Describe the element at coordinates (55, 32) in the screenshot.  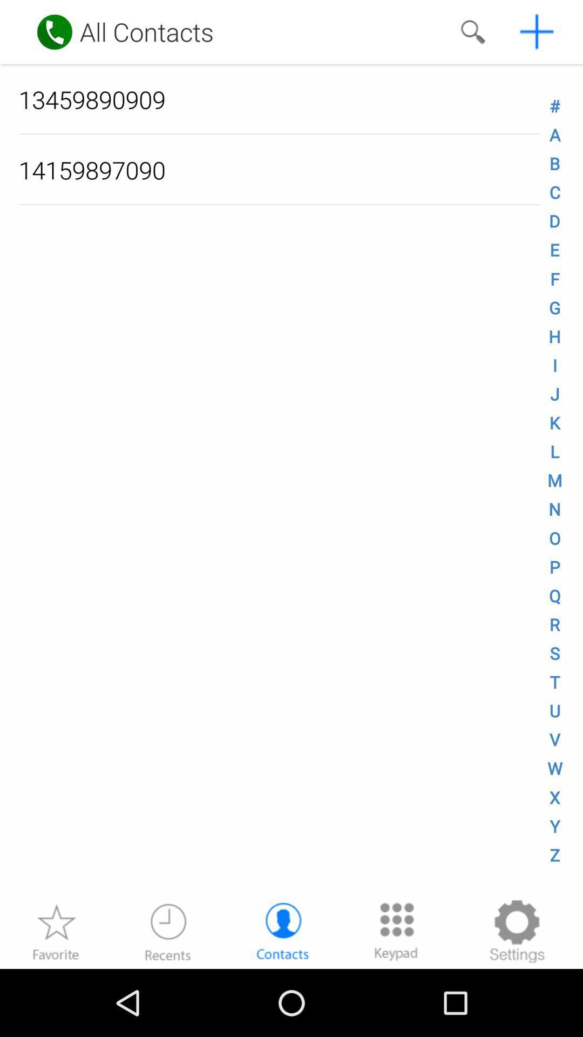
I see `call button` at that location.